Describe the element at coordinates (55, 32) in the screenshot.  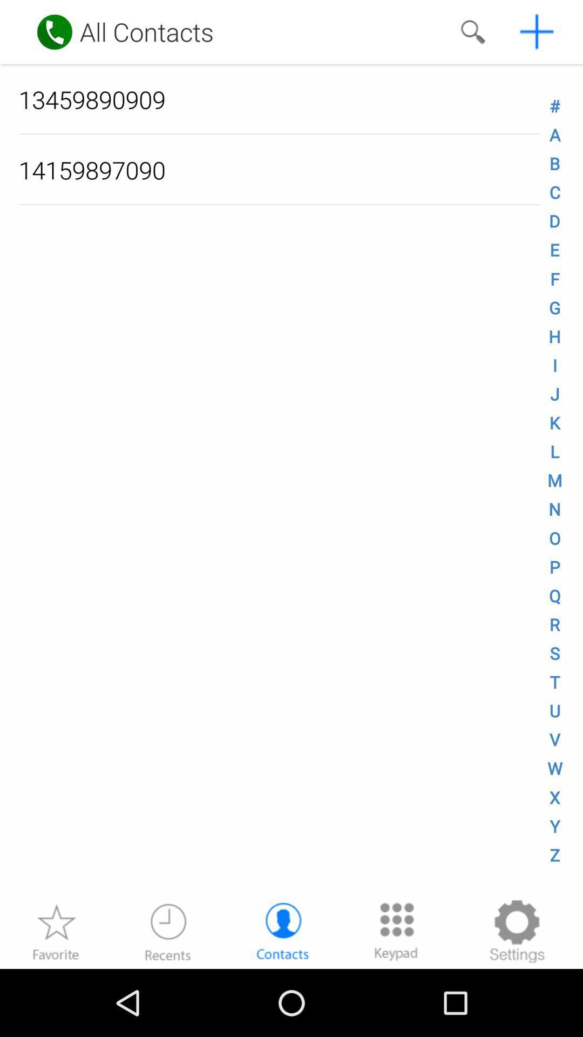
I see `call button` at that location.